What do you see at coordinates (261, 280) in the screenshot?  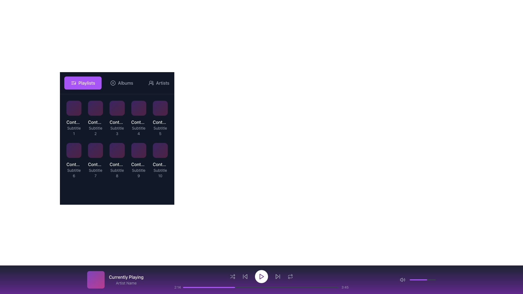 I see `the circular play button located at the center of the purple media control bar` at bounding box center [261, 280].